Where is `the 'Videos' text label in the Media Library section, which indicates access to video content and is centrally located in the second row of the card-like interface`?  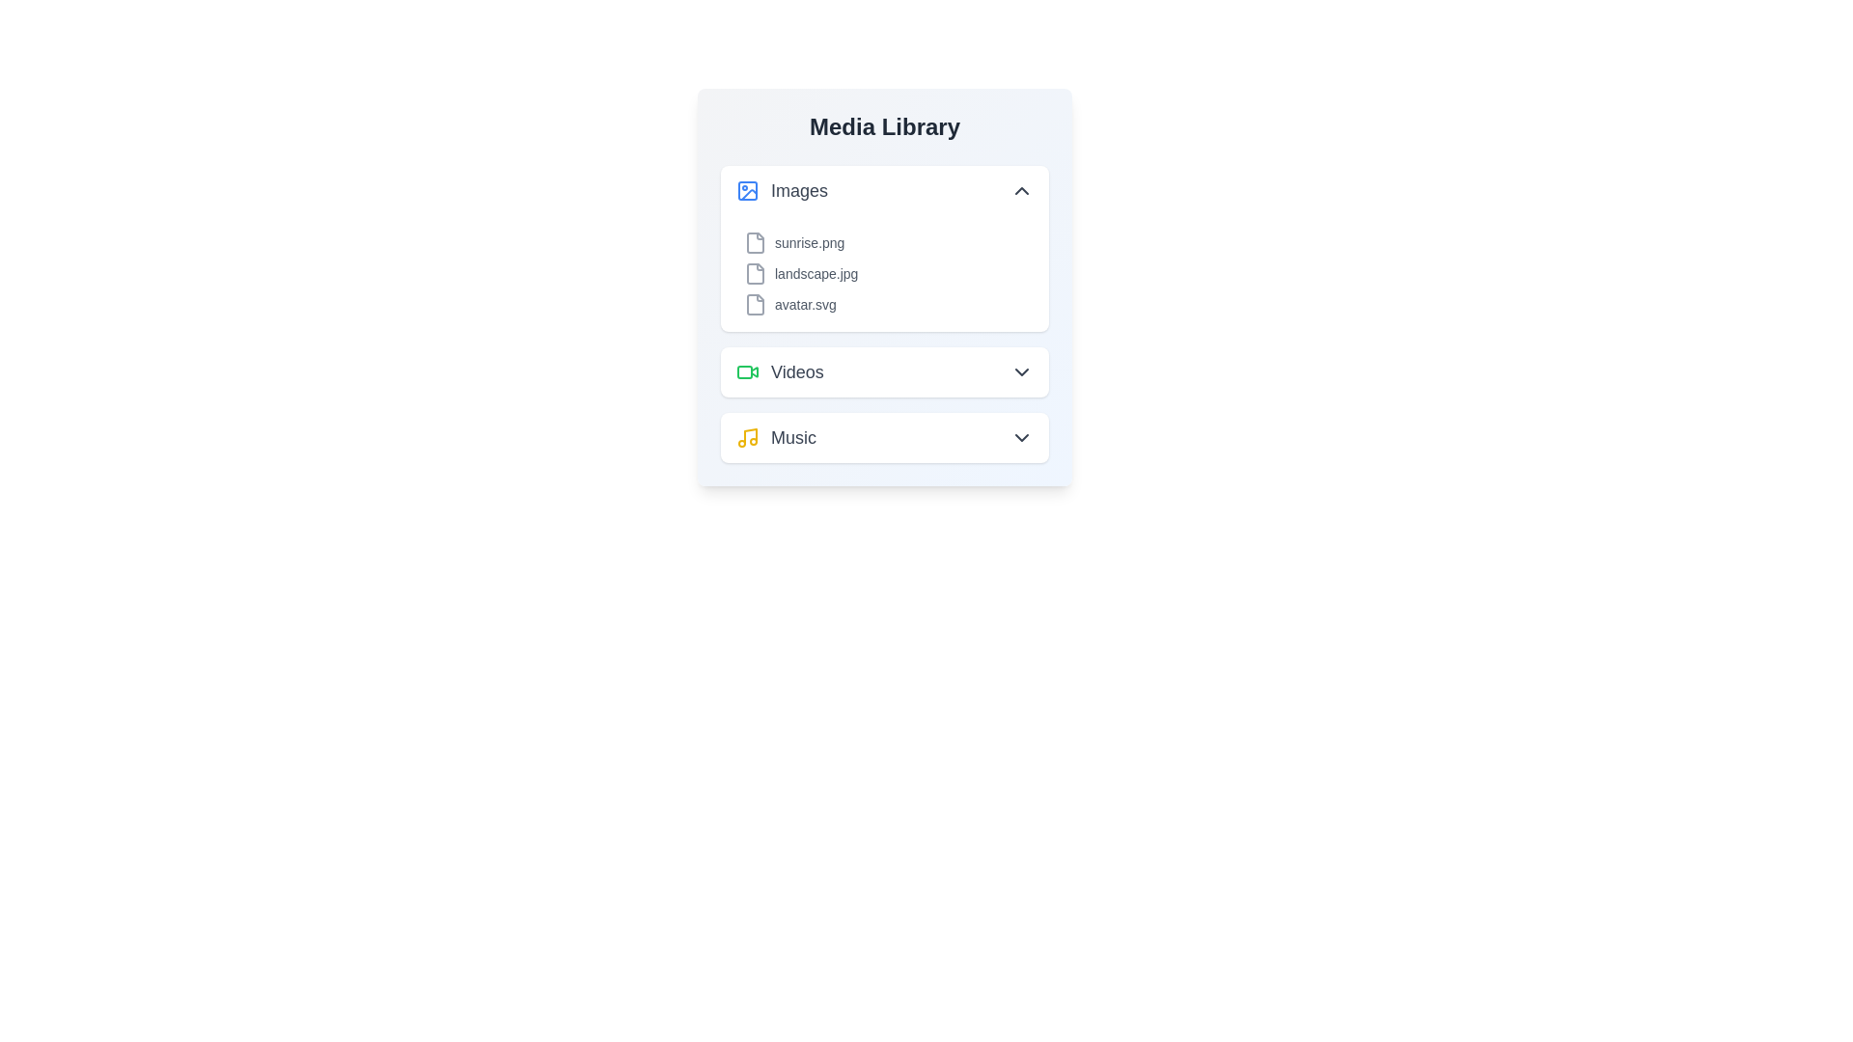 the 'Videos' text label in the Media Library section, which indicates access to video content and is centrally located in the second row of the card-like interface is located at coordinates (797, 371).